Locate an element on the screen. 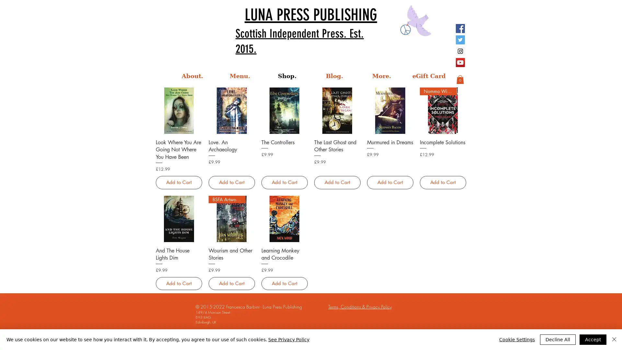 This screenshot has width=622, height=350. Quick View is located at coordinates (284, 141).